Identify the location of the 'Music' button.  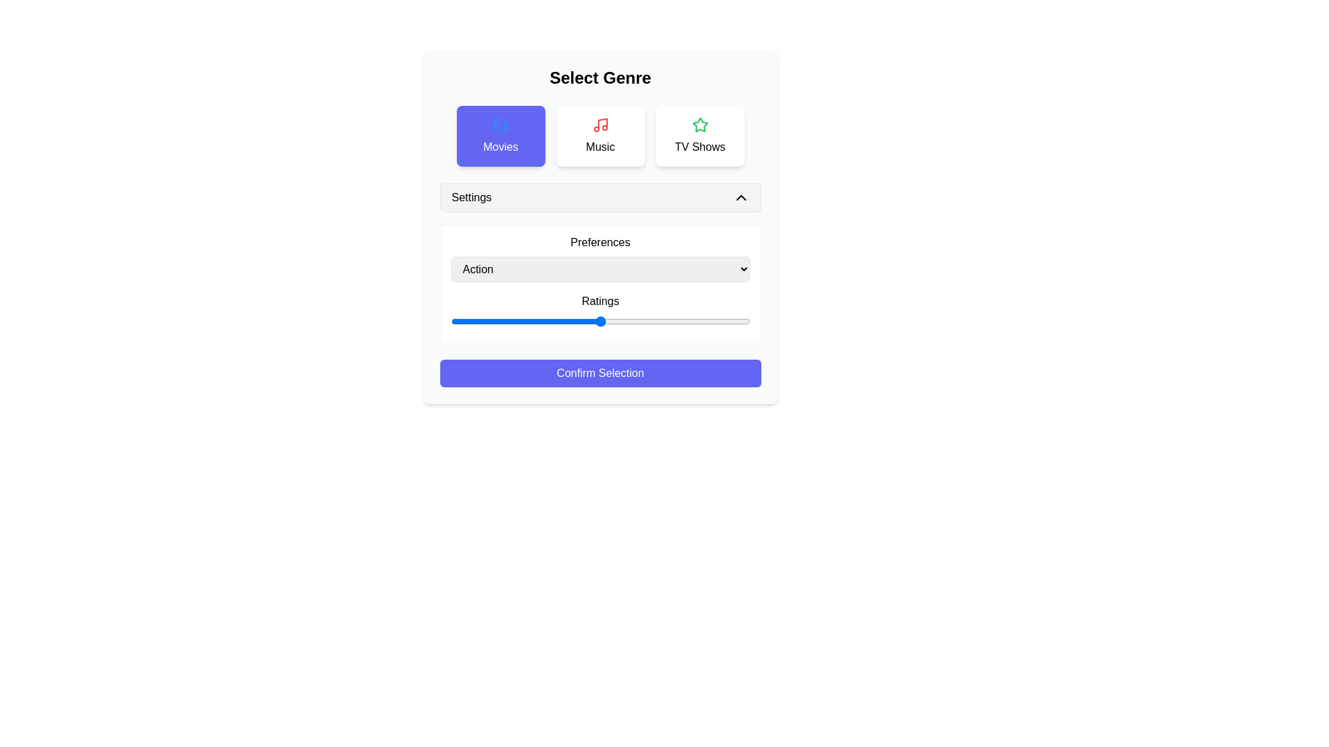
(600, 136).